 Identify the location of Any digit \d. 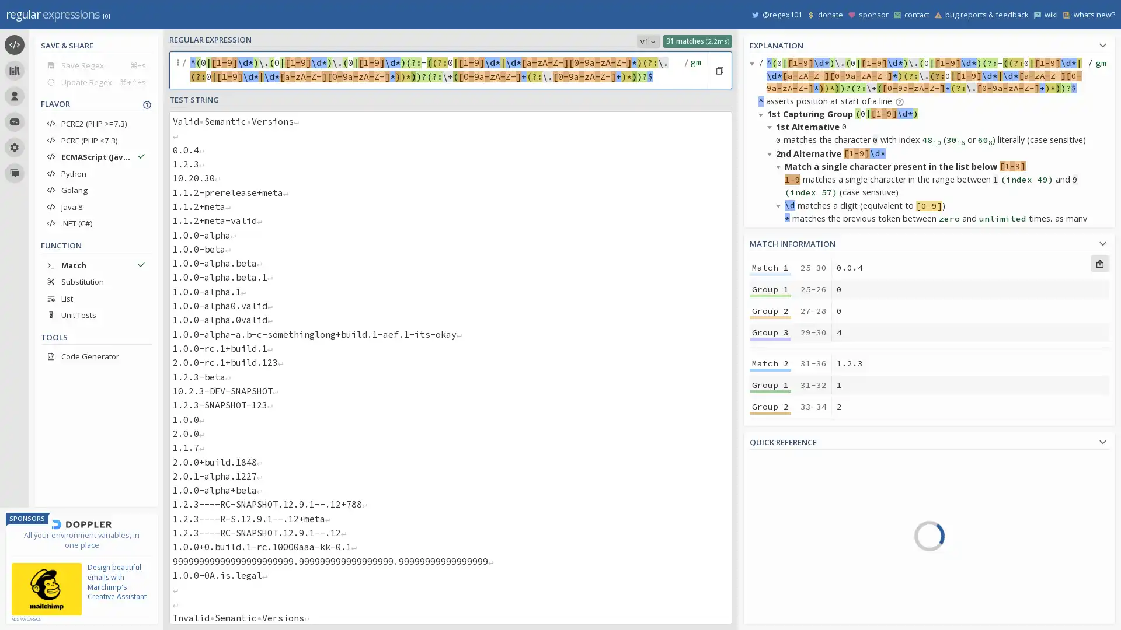
(987, 611).